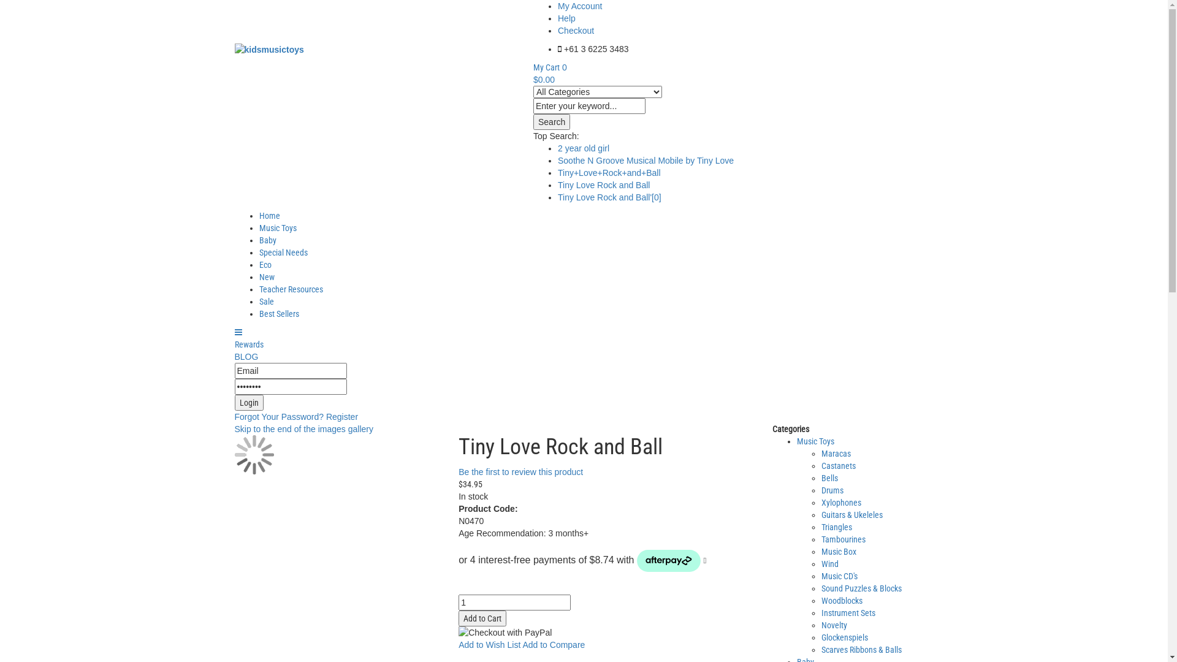  Describe the element at coordinates (579, 6) in the screenshot. I see `'My Account'` at that location.